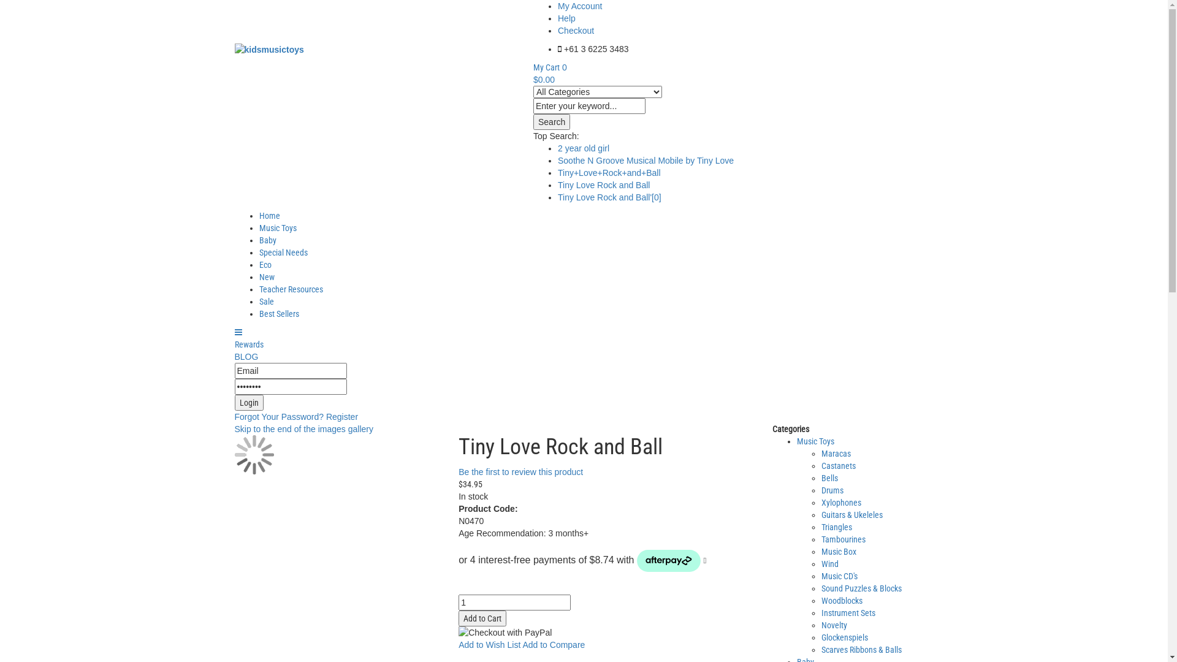  Describe the element at coordinates (579, 6) in the screenshot. I see `'My Account'` at that location.